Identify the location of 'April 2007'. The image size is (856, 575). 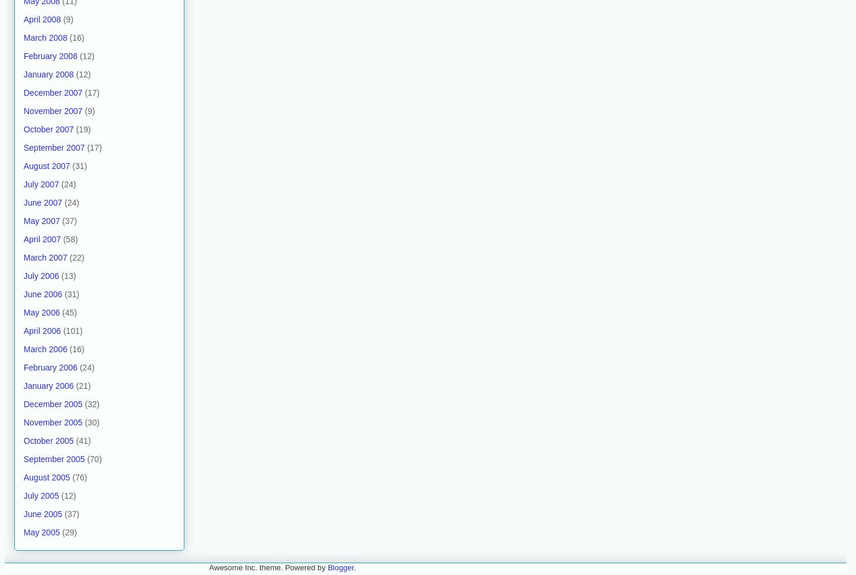
(42, 238).